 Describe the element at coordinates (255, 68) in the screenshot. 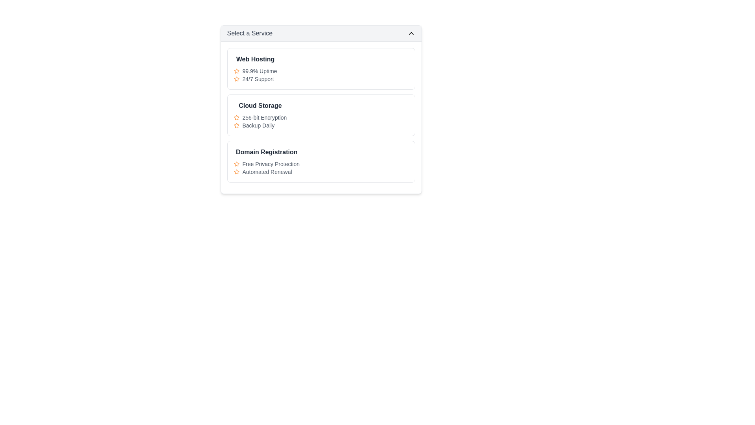

I see `the details of the 'Web Hosting' service in the Informational display section, which is the first item in the service selection interface` at that location.